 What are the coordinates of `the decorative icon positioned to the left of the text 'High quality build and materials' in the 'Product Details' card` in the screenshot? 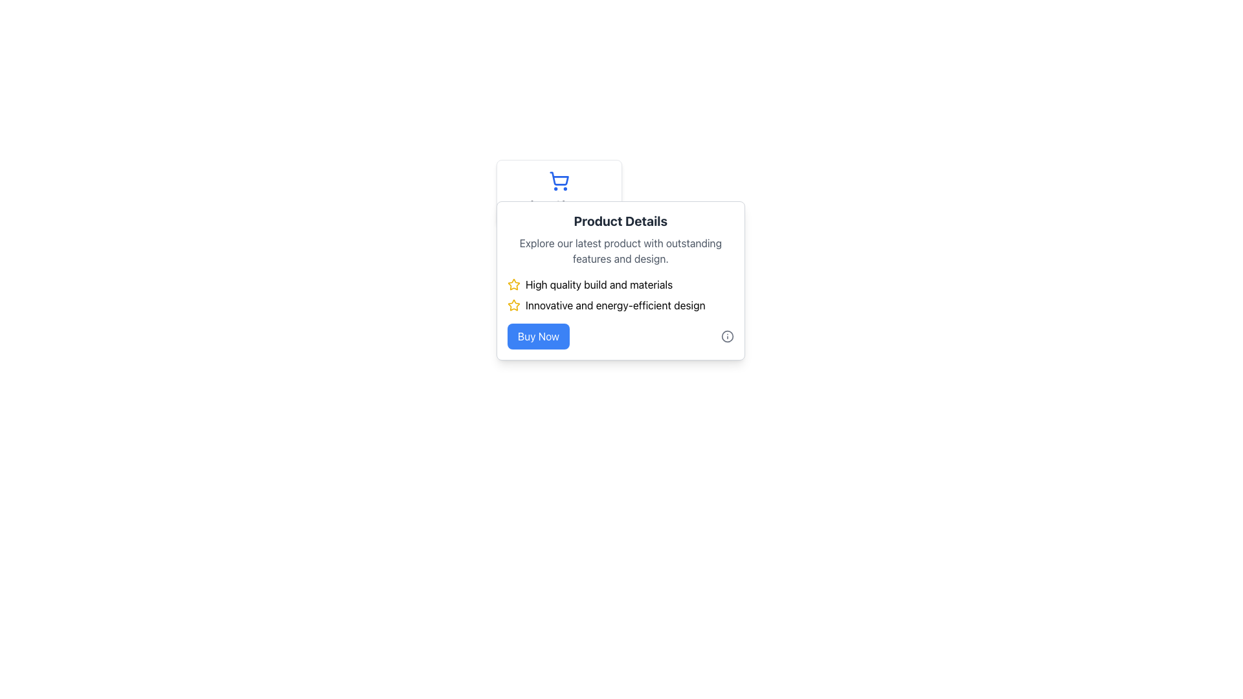 It's located at (513, 305).